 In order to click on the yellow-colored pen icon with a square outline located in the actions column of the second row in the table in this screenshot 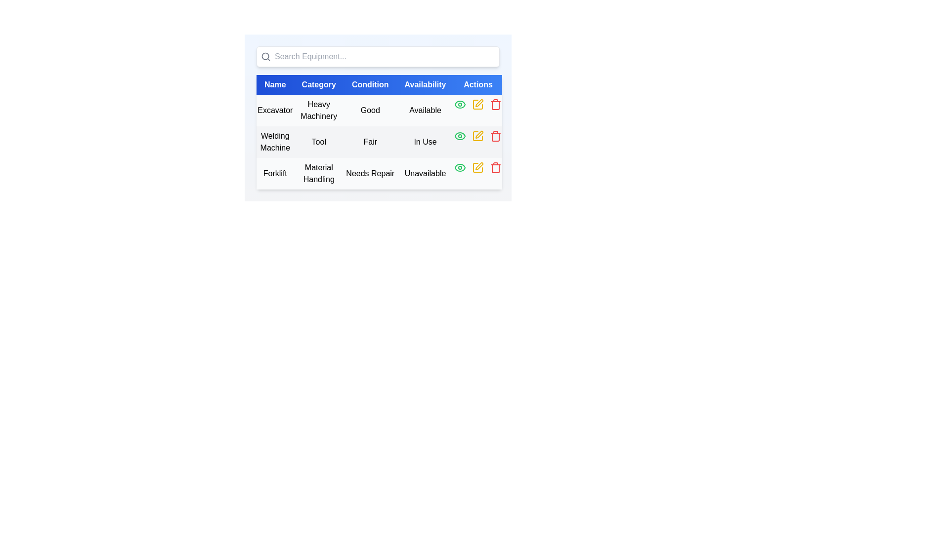, I will do `click(478, 136)`.